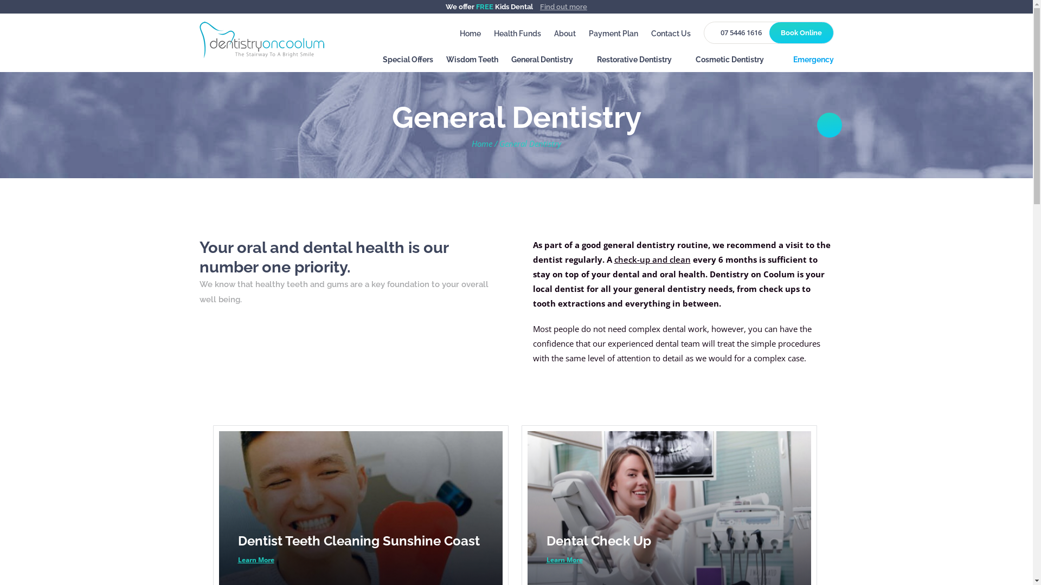  Describe the element at coordinates (768, 32) in the screenshot. I see `'Book Online'` at that location.